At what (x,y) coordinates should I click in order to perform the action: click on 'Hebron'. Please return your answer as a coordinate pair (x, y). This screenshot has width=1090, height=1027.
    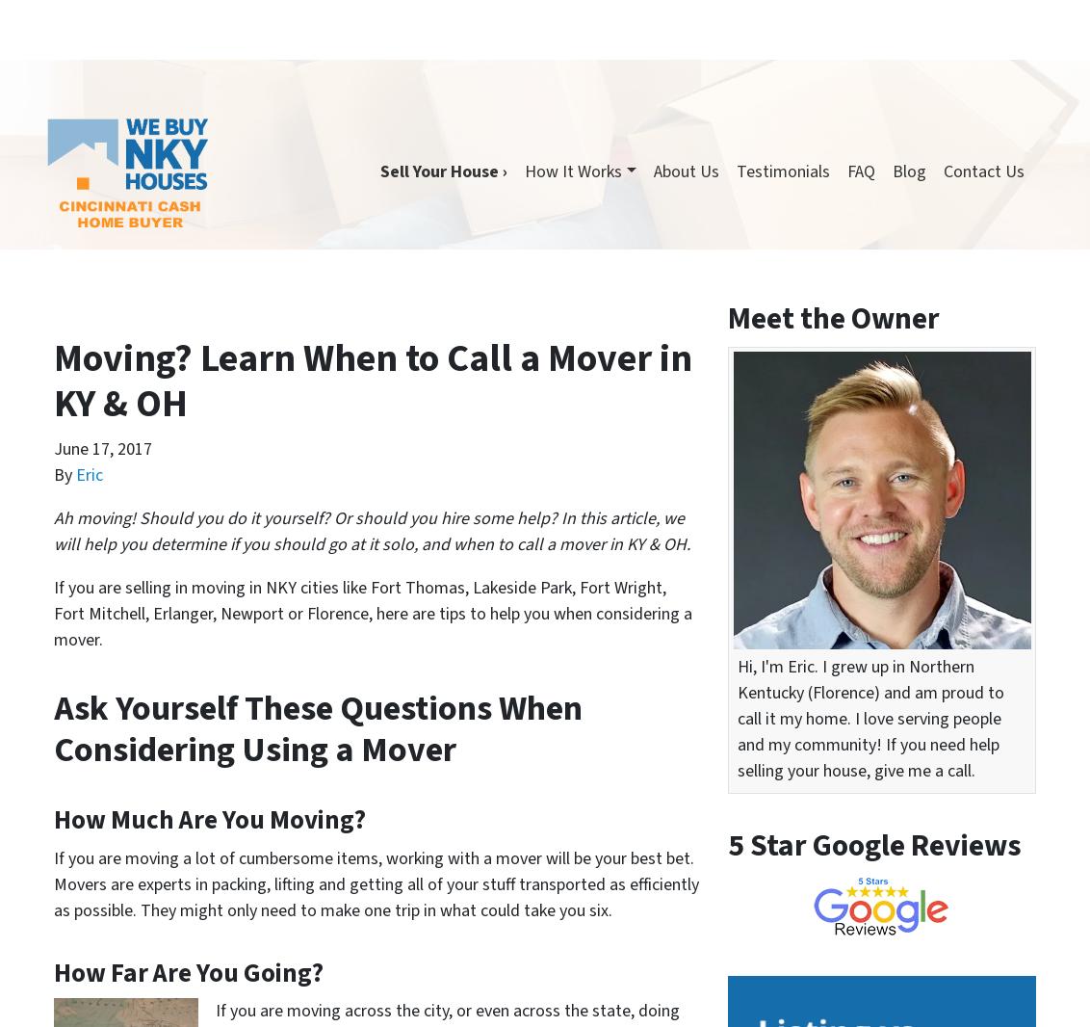
    Looking at the image, I should click on (919, 952).